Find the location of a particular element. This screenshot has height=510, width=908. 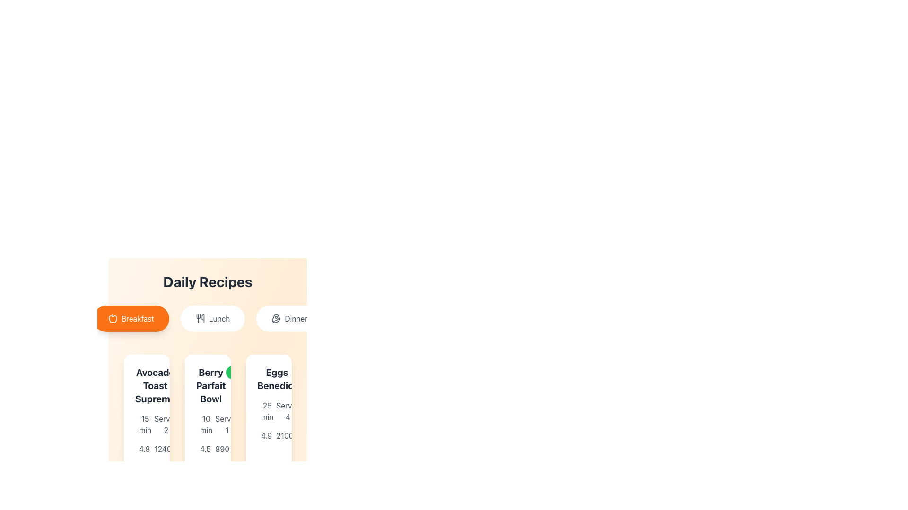

displayed rating value from the rating display component located at the bottom of the 'Berry Parfait Bowl' recipe card is located at coordinates (200, 449).